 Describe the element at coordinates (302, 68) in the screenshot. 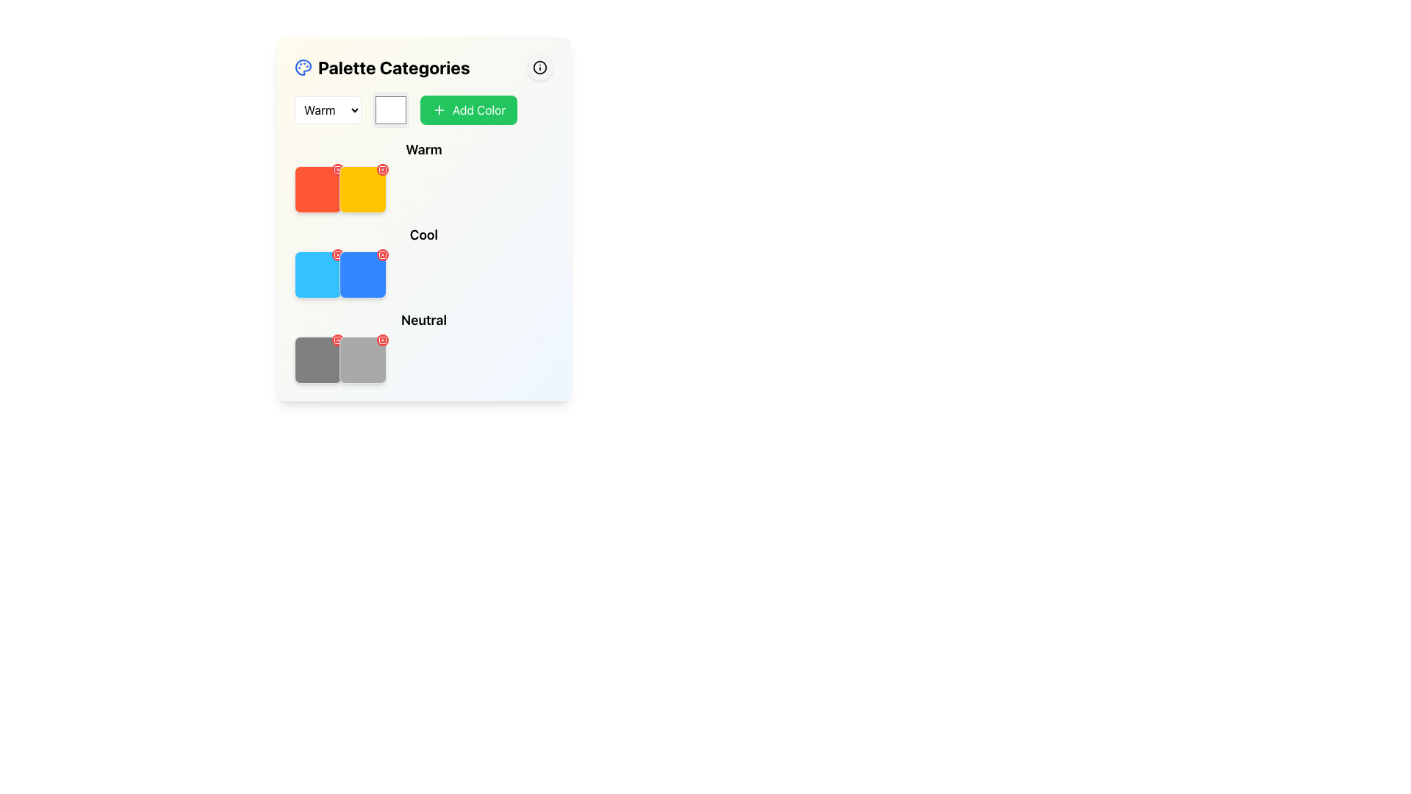

I see `the decorative icon representing 'Palette Categories', located at the top-left corner of the palette information box` at that location.